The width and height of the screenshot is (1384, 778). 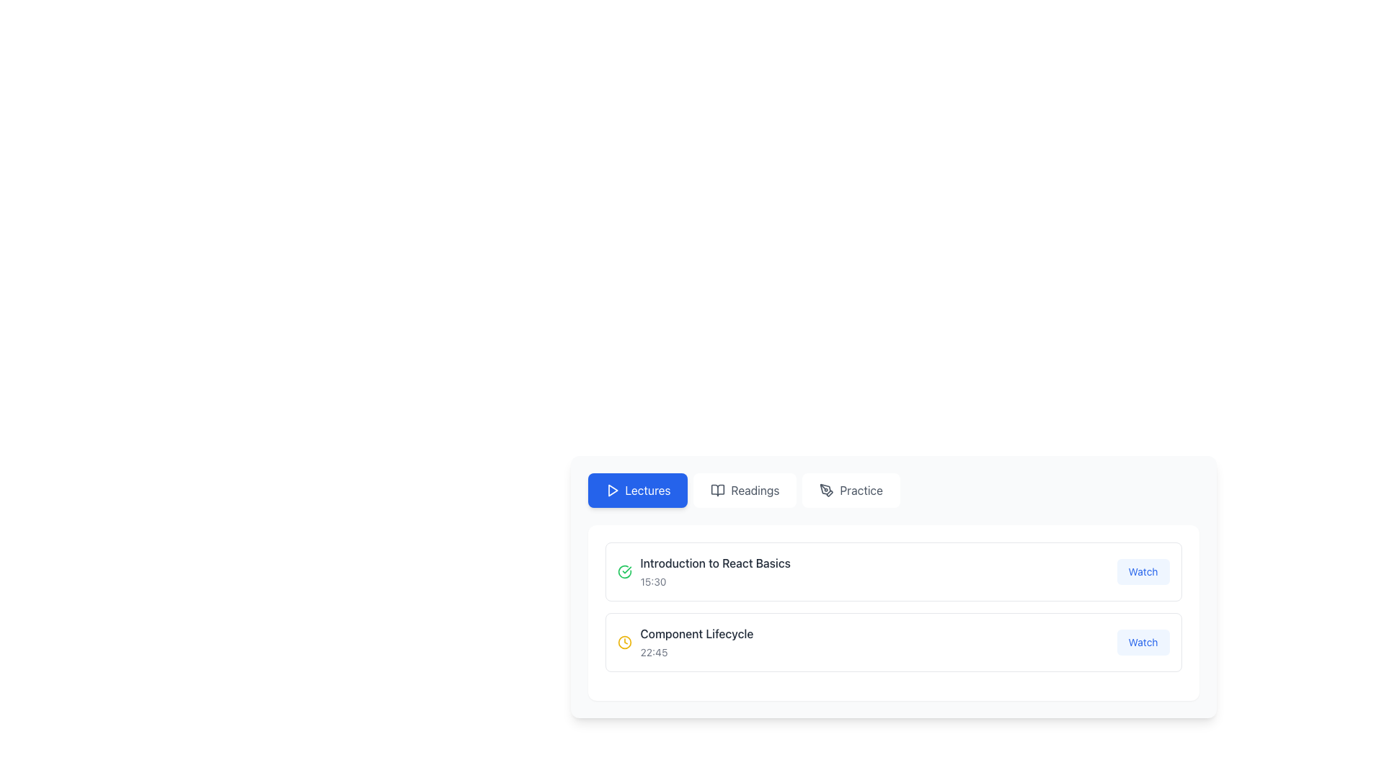 I want to click on the 'Watch' button on the visually distinct card with a white background and rounded corners, located below the horizontal menu in the content section, so click(x=892, y=613).